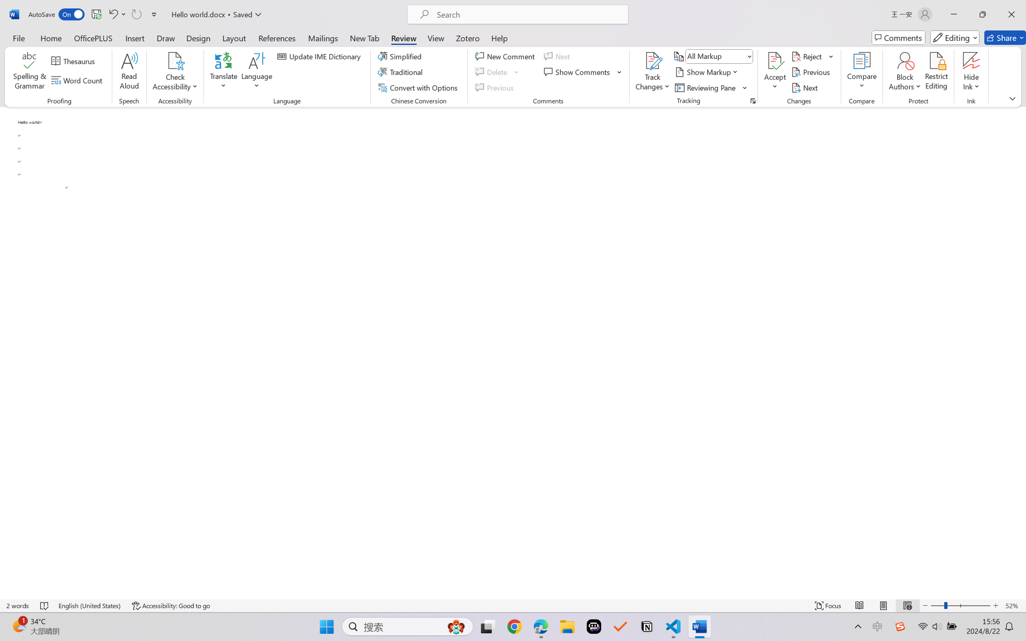 The image size is (1026, 641). I want to click on 'Reject and Move to Next', so click(808, 56).